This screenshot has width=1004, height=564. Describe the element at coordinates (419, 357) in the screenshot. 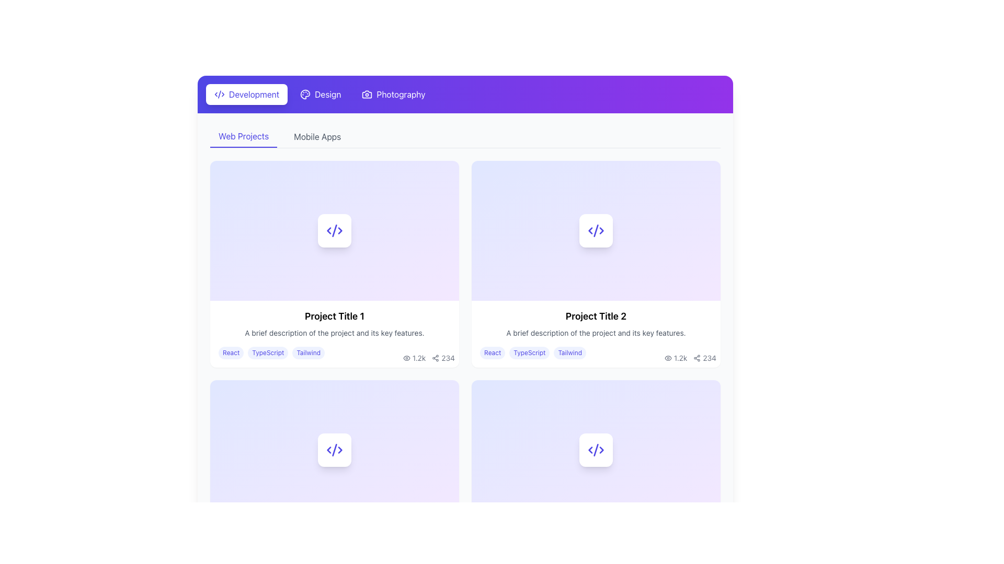

I see `text element displaying '1.2k' which is the first textual value in gray next to an eye icon at the bottom-right corner of the card labeled 'Project Title 2'` at that location.